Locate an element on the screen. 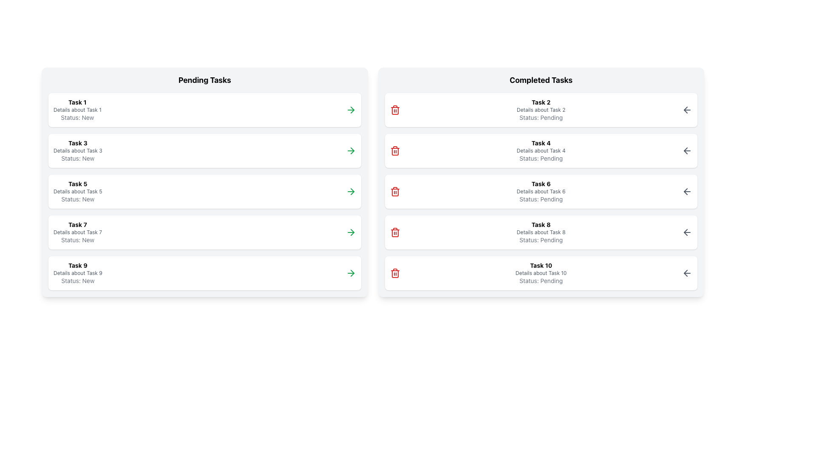 This screenshot has width=816, height=459. the text label that displays 'Status: New', which is located under the 'Details about Task 3' description in the Pending Tasks column is located at coordinates (78, 158).